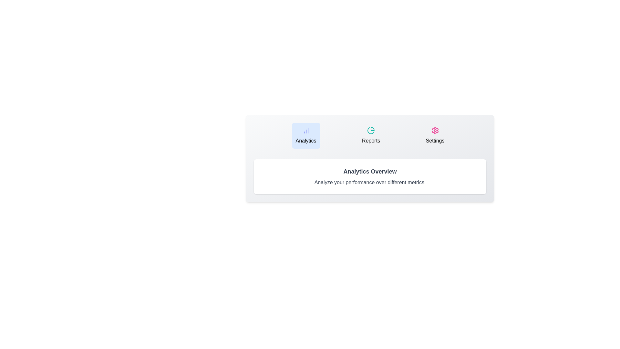  What do you see at coordinates (435, 135) in the screenshot?
I see `the Settings tab to view its content` at bounding box center [435, 135].